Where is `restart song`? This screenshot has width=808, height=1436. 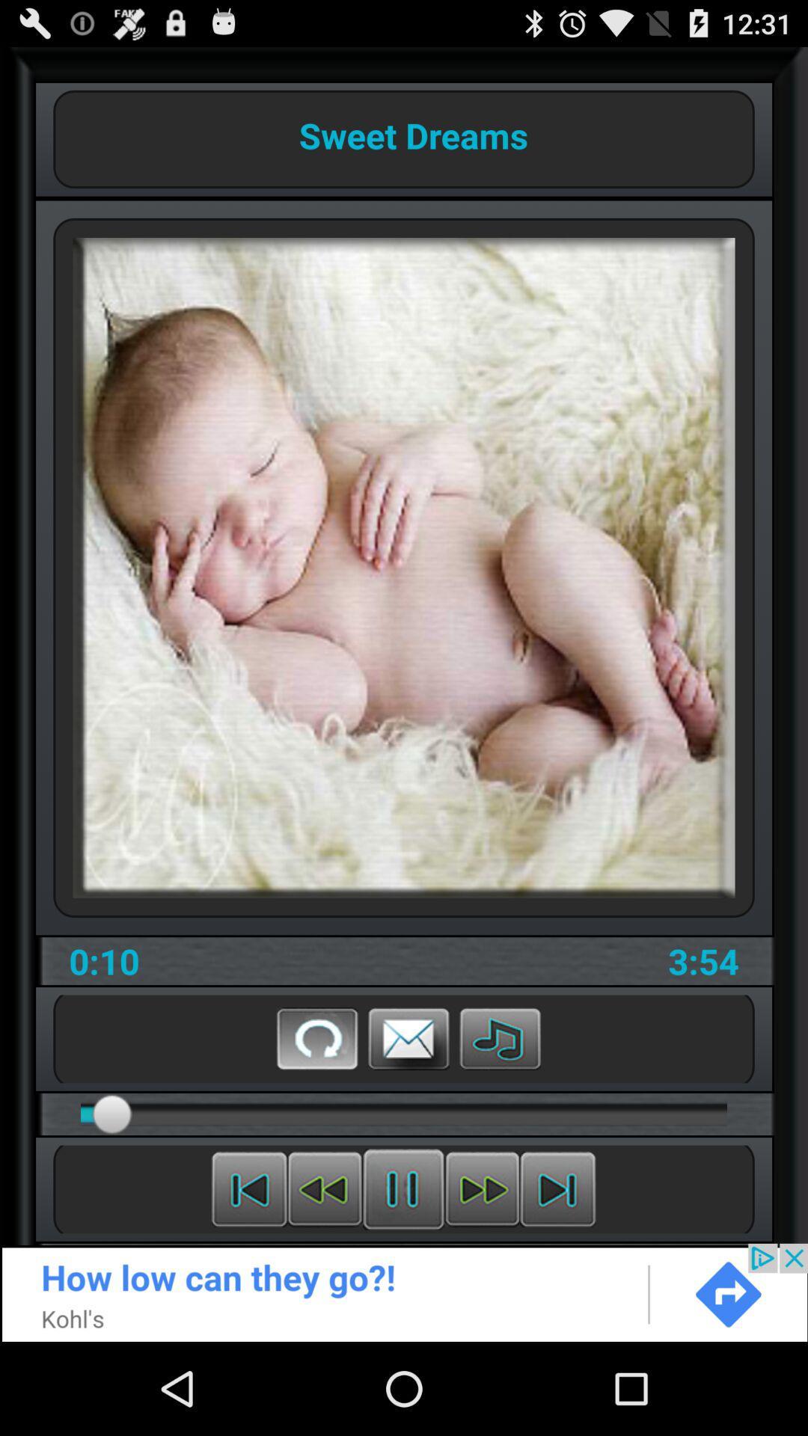
restart song is located at coordinates (316, 1037).